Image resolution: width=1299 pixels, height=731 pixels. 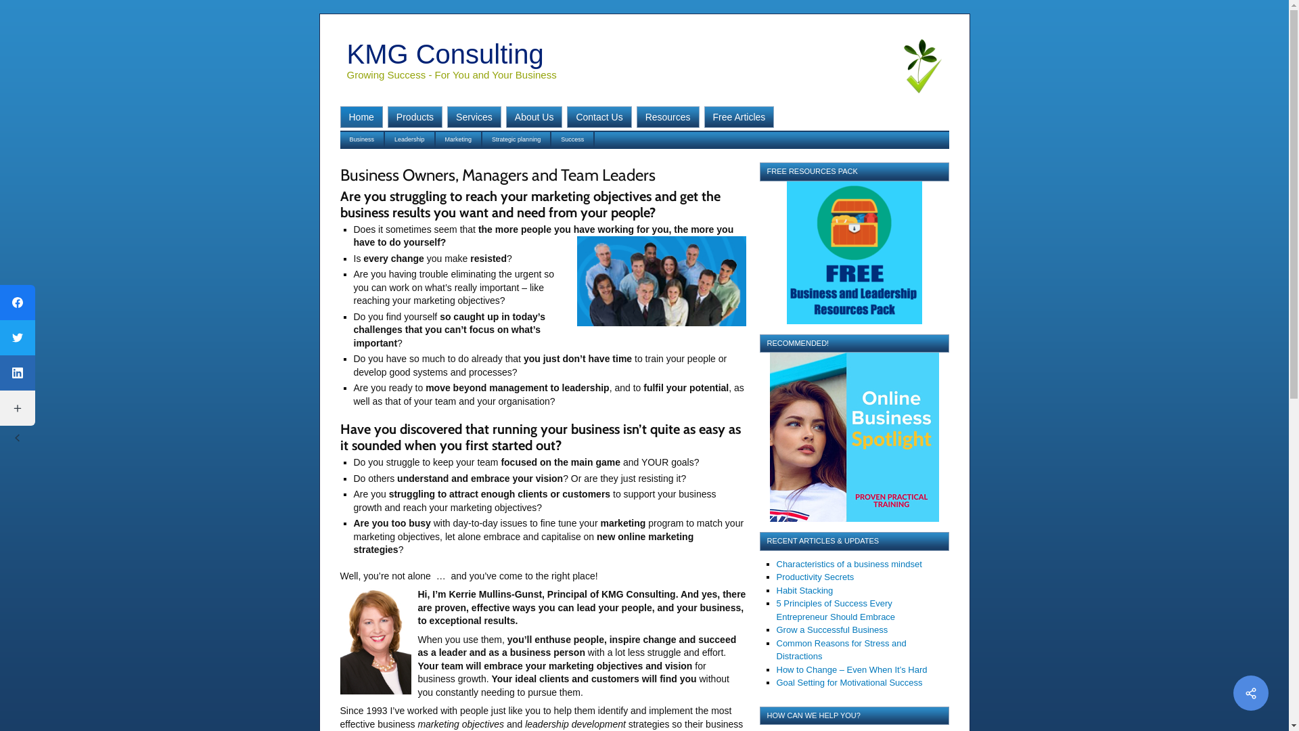 What do you see at coordinates (375, 640) in the screenshot?
I see `'kerriemg-150x224'` at bounding box center [375, 640].